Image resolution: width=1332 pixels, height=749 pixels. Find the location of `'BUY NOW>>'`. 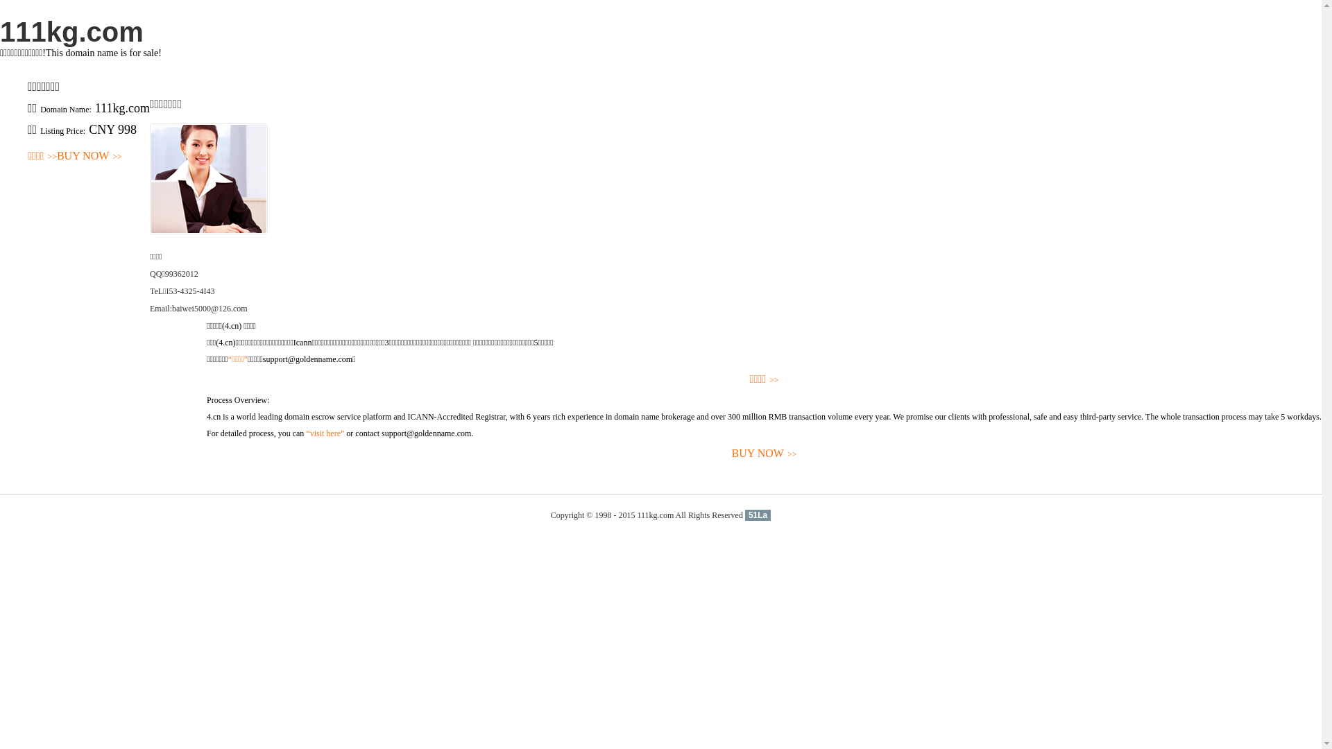

'BUY NOW>>' is located at coordinates (763, 454).